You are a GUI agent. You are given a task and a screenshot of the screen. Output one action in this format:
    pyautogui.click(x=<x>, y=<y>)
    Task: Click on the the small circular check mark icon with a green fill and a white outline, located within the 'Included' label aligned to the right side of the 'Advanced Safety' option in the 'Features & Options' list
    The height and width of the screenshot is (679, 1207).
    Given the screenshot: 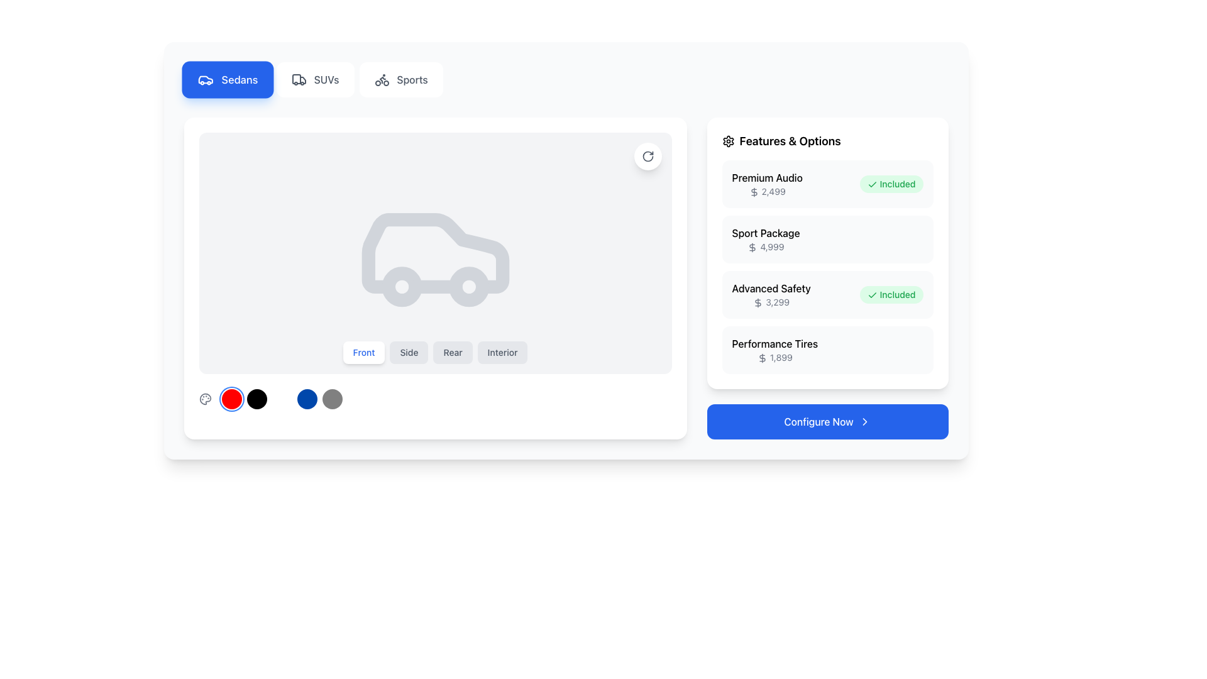 What is the action you would take?
    pyautogui.click(x=871, y=295)
    